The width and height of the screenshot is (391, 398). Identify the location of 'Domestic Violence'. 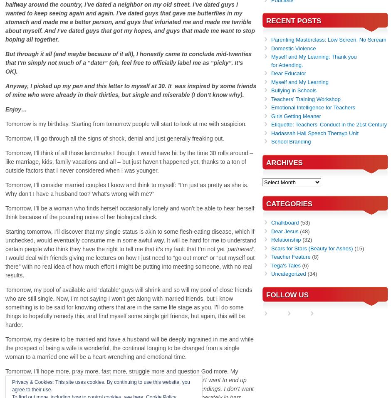
(293, 48).